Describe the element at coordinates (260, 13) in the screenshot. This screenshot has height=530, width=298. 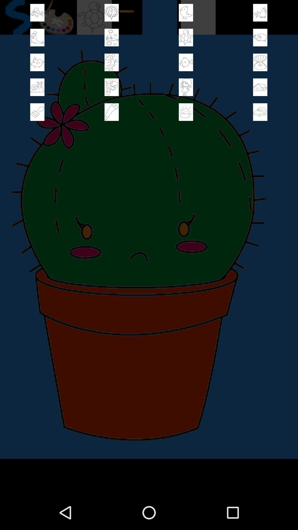
I see `sticker` at that location.